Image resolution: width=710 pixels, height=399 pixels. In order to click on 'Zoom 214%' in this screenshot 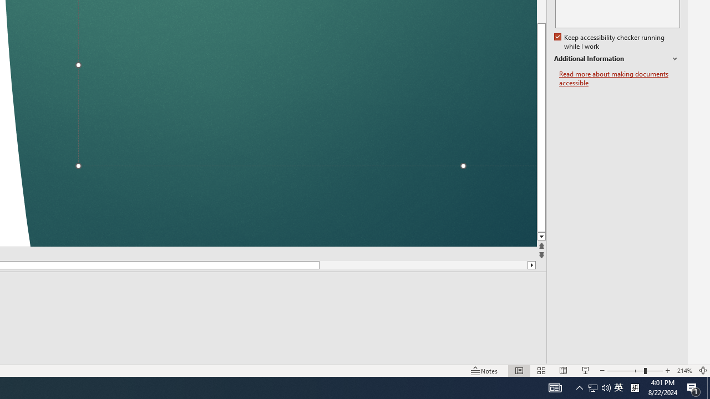, I will do `click(684, 371)`.